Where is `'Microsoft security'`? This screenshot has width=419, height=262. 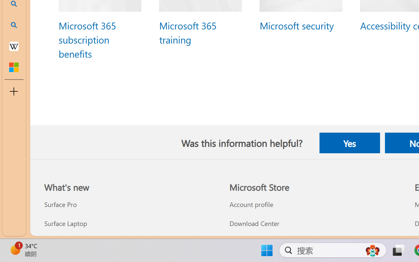
'Microsoft security' is located at coordinates (296, 25).